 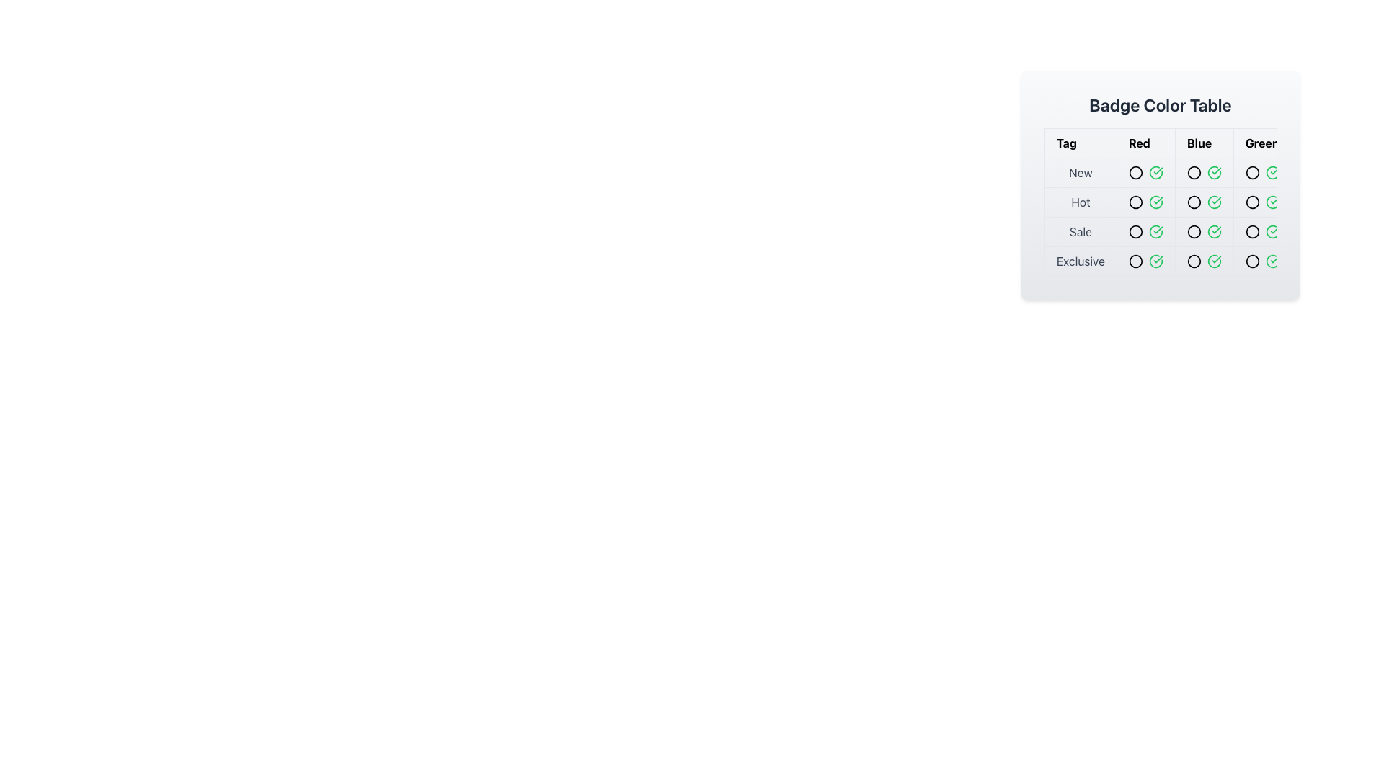 What do you see at coordinates (1155, 261) in the screenshot?
I see `the circular green outlined icon with a checkmark inside, located in the last row under the 'Green' column in the table` at bounding box center [1155, 261].